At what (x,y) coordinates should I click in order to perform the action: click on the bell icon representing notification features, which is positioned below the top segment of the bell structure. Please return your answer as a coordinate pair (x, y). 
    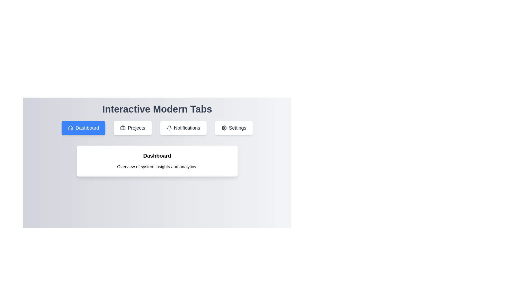
    Looking at the image, I should click on (169, 127).